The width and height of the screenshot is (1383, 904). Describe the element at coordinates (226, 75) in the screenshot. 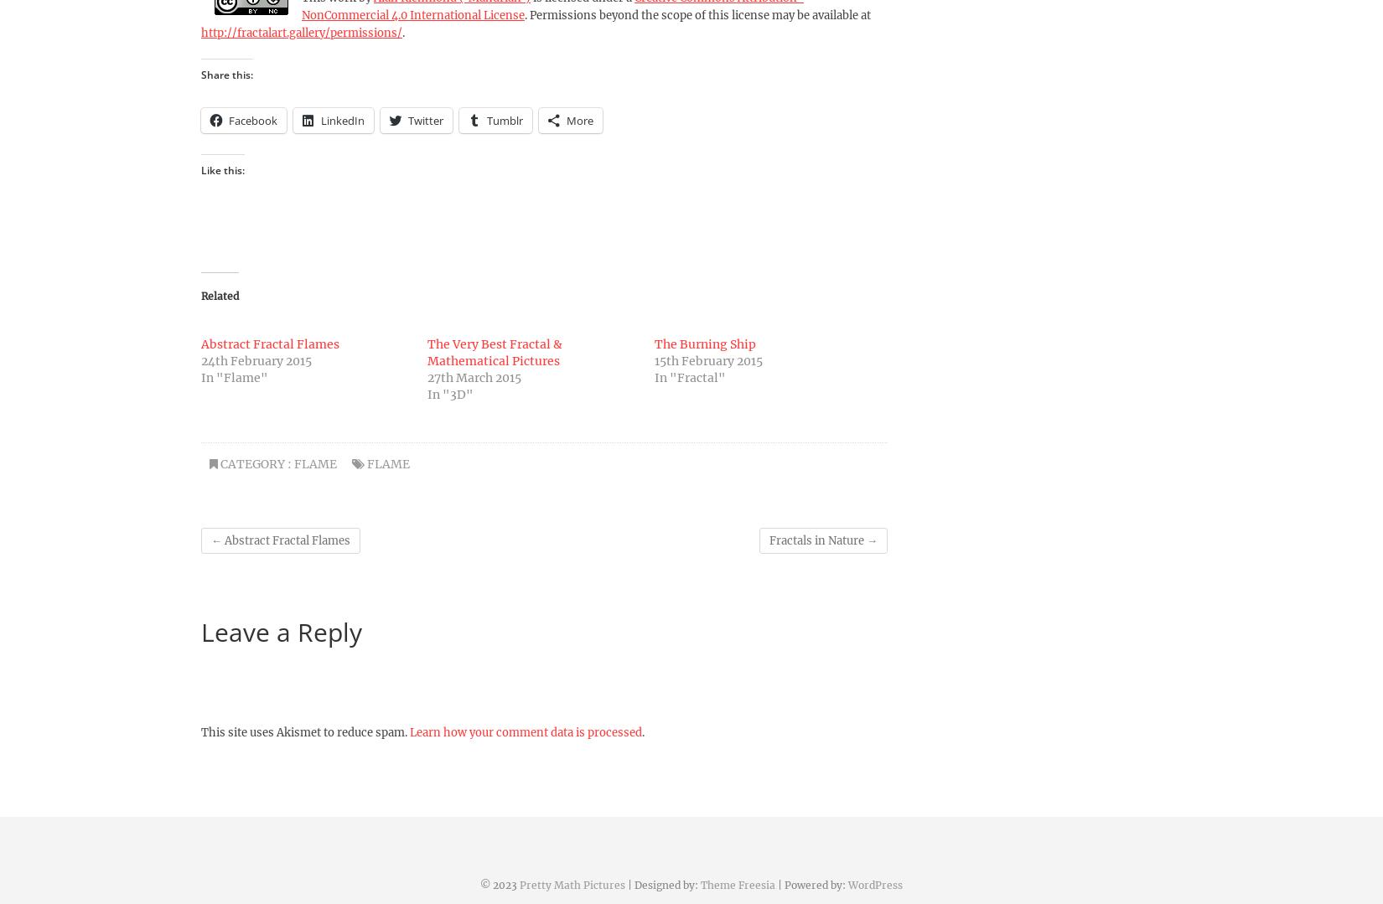

I see `'Share this:'` at that location.